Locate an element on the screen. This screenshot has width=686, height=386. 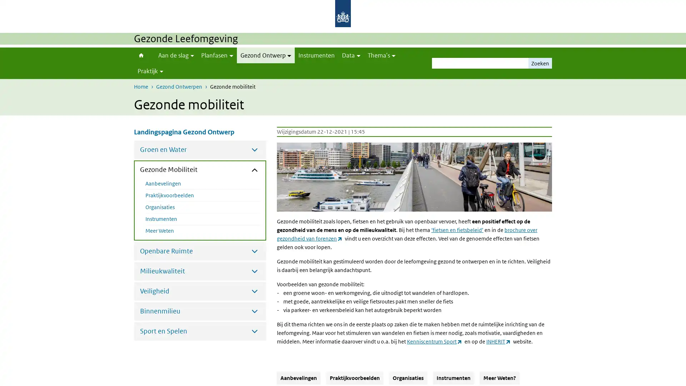
Zoeken is located at coordinates (540, 63).